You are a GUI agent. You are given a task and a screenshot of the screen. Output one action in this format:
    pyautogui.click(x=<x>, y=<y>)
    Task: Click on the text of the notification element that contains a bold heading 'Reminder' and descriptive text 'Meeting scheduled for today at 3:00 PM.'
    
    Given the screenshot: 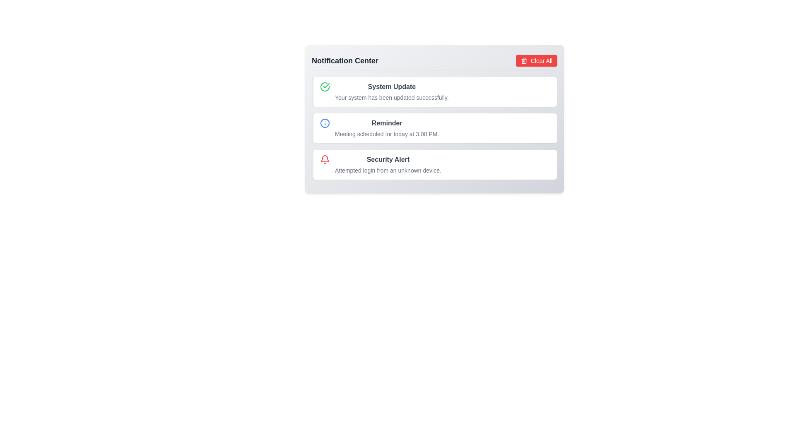 What is the action you would take?
    pyautogui.click(x=386, y=128)
    